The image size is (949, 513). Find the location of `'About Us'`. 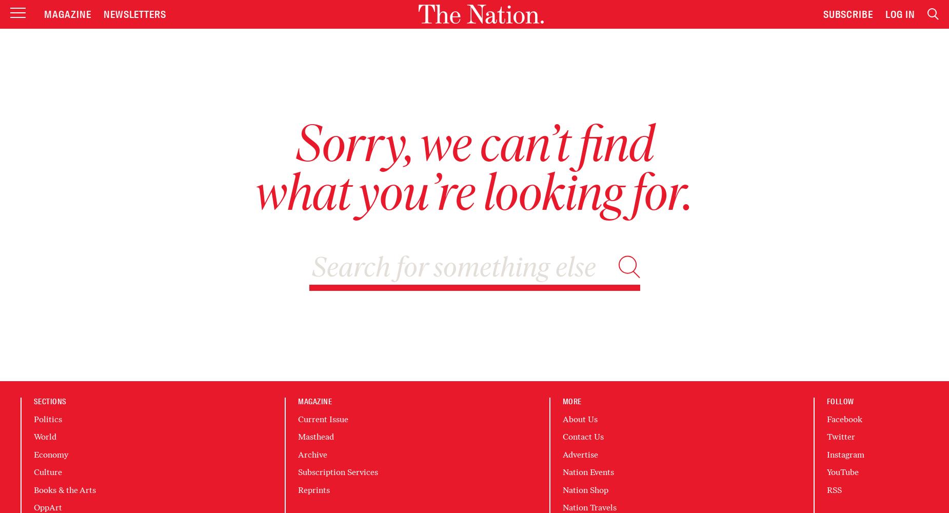

'About Us' is located at coordinates (579, 419).